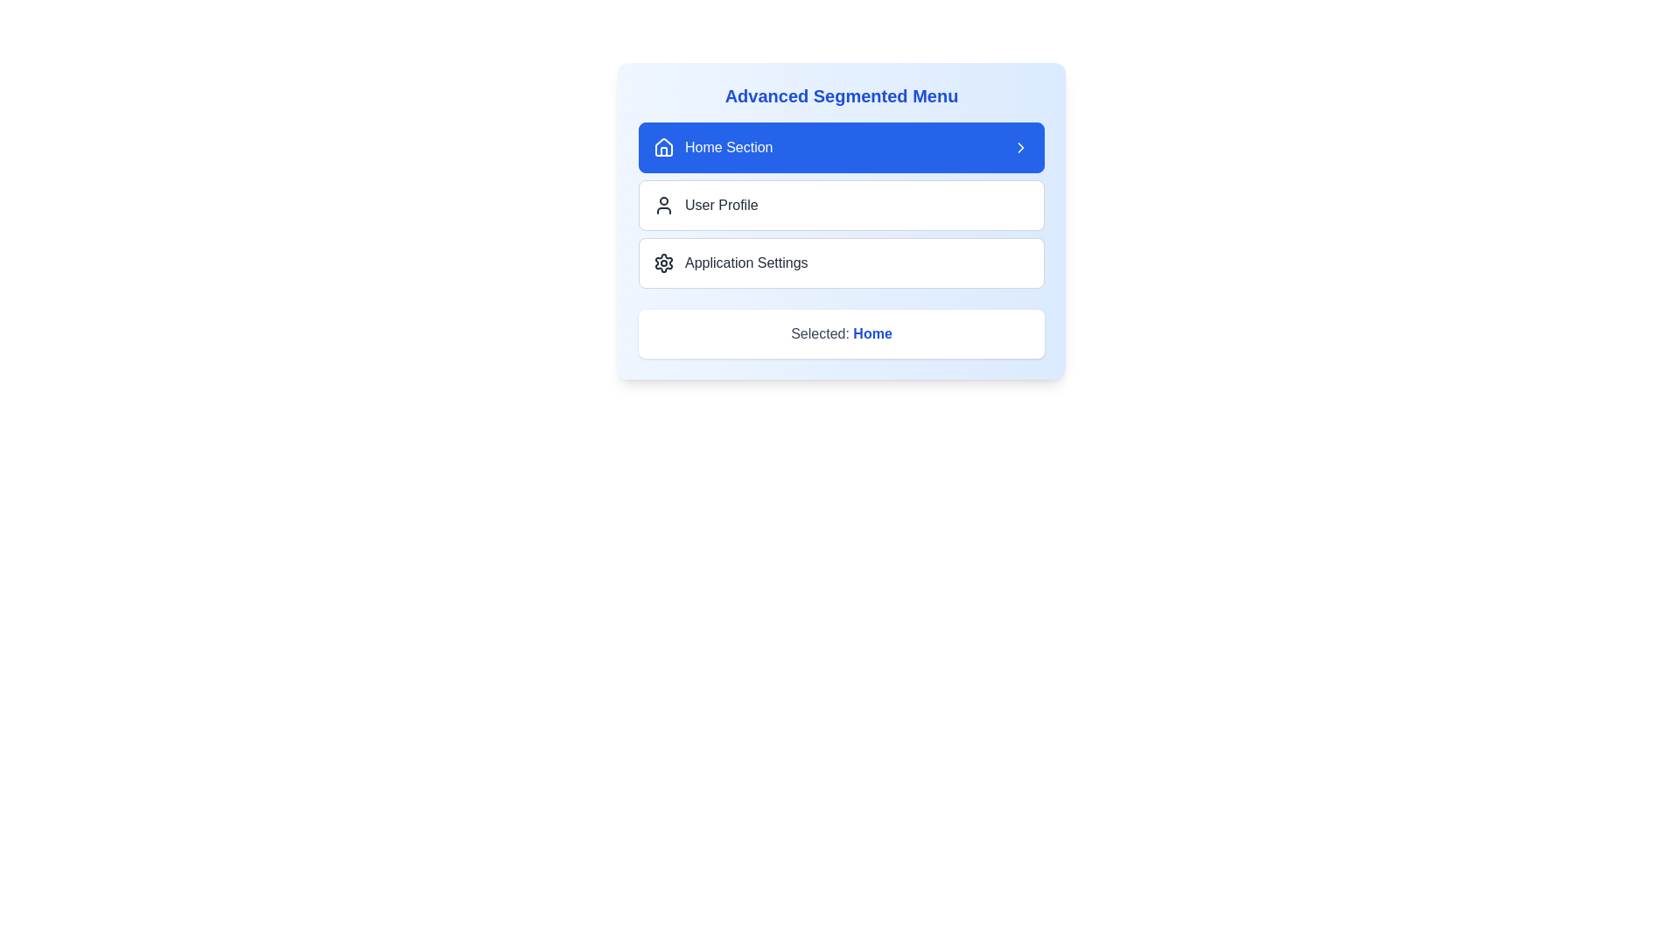 This screenshot has height=945, width=1680. What do you see at coordinates (662, 147) in the screenshot?
I see `the 'Home Section' icon located on the left side of the 'Home Section' menu item to enhance usability and clarity for users` at bounding box center [662, 147].